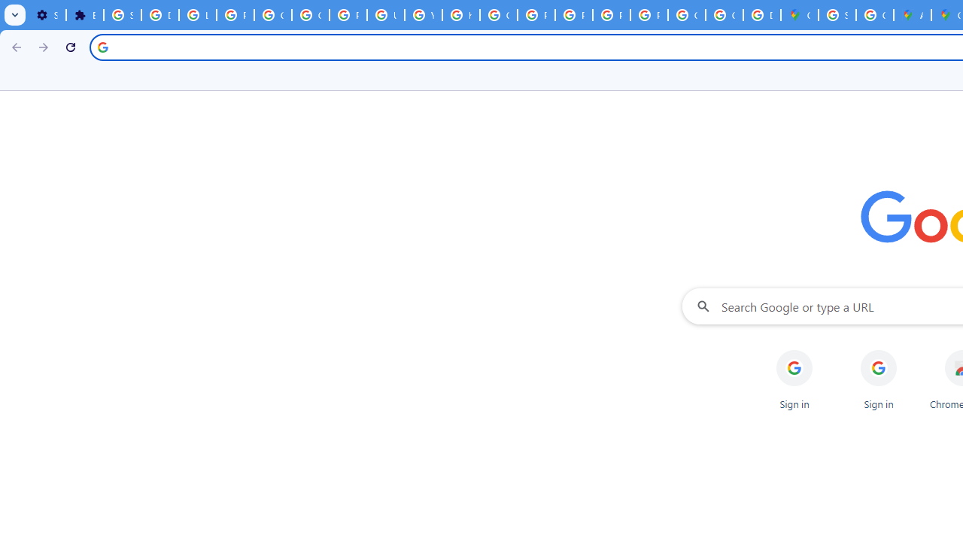  What do you see at coordinates (799, 15) in the screenshot?
I see `'Google Maps'` at bounding box center [799, 15].